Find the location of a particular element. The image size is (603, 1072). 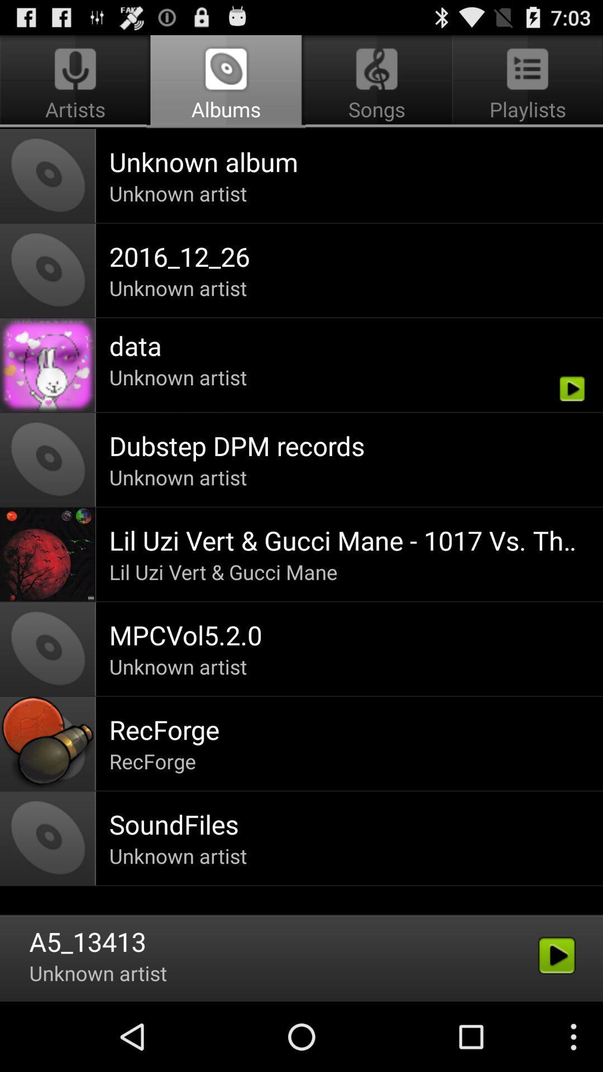

the icon to the right of artists icon is located at coordinates (377, 82).